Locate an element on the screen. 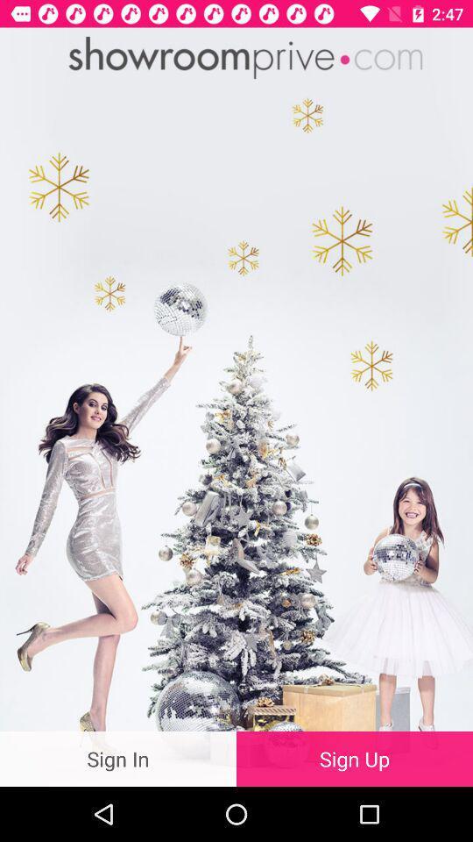  item to the right of sign in item is located at coordinates (355, 758).